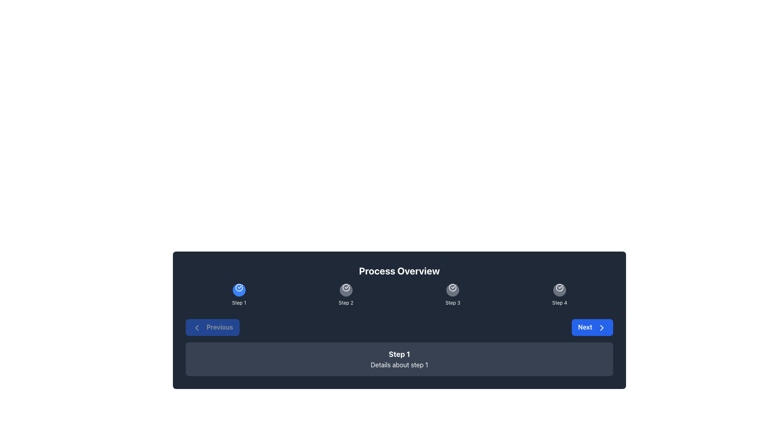 This screenshot has height=434, width=772. I want to click on the 'Step 2' text label that indicates the current step in a multi-step navigation interface, positioned beneath its corresponding circular icon in the middle column, so click(346, 303).